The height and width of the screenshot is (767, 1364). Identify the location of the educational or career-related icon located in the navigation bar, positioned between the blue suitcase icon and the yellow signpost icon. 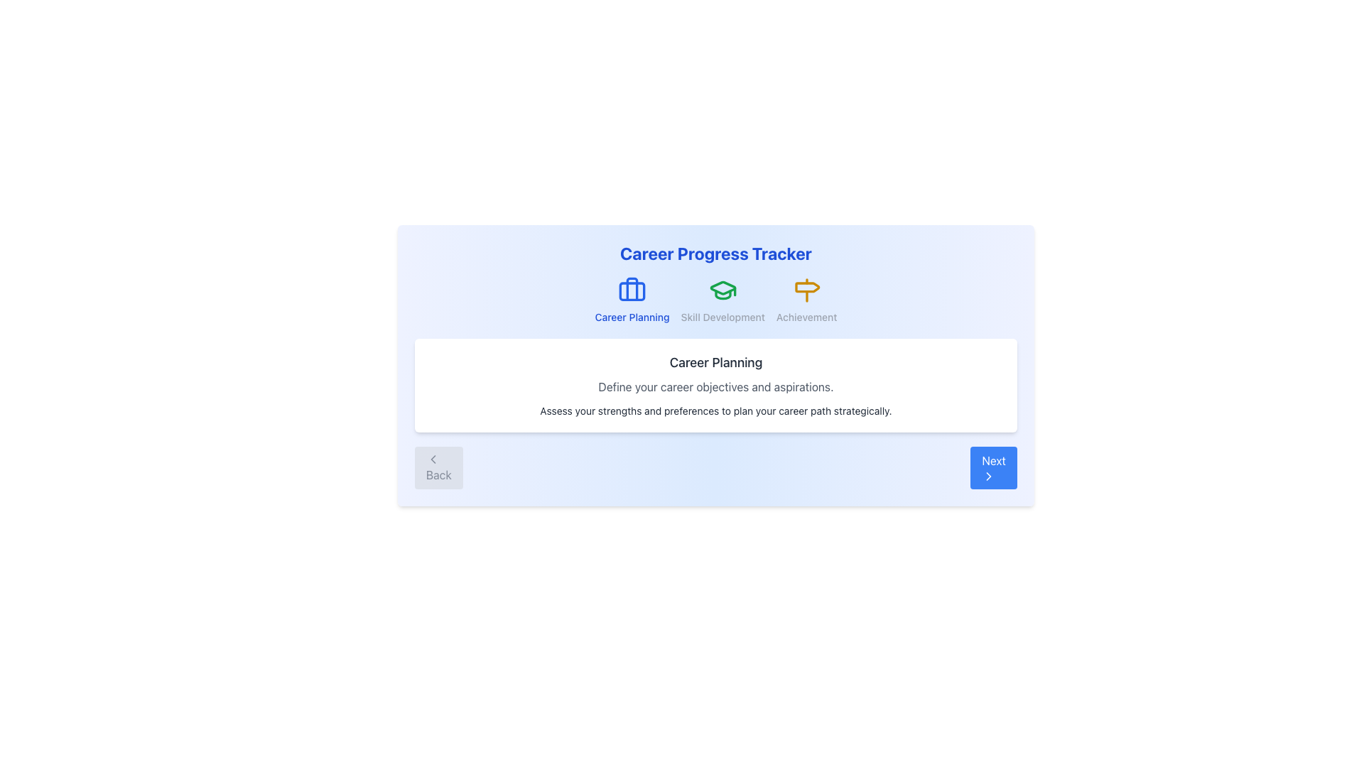
(722, 288).